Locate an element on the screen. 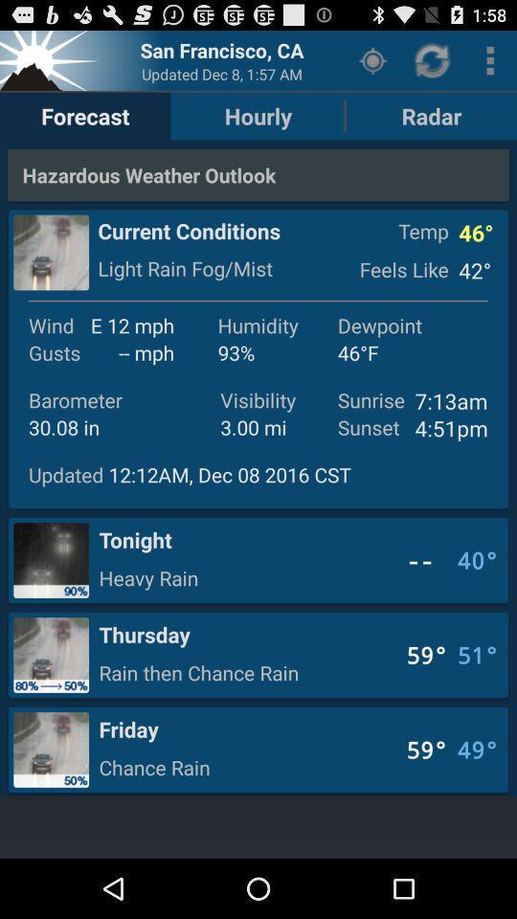  the close icon is located at coordinates (51, 64).